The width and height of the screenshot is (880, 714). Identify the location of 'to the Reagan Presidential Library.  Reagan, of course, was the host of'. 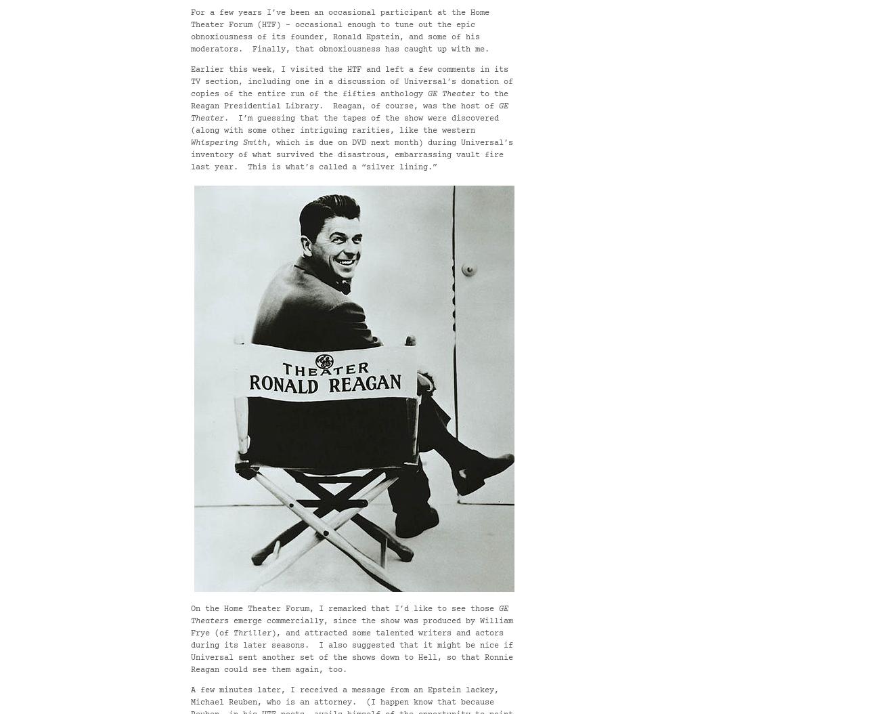
(349, 100).